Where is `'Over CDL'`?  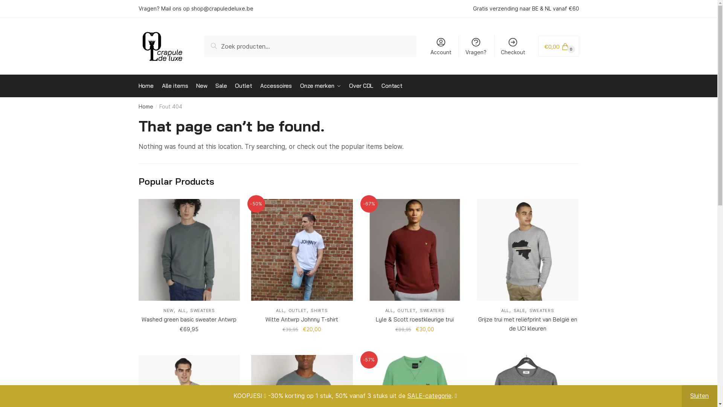
'Over CDL' is located at coordinates (361, 85).